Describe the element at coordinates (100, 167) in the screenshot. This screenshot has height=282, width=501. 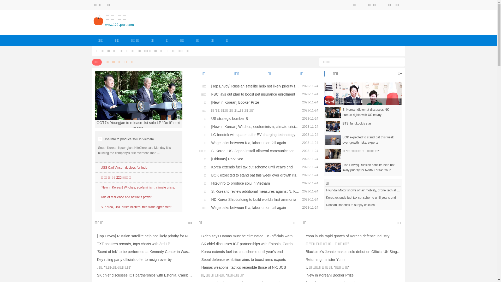
I see `'USS Carl Vinson deploys for Indo'` at that location.